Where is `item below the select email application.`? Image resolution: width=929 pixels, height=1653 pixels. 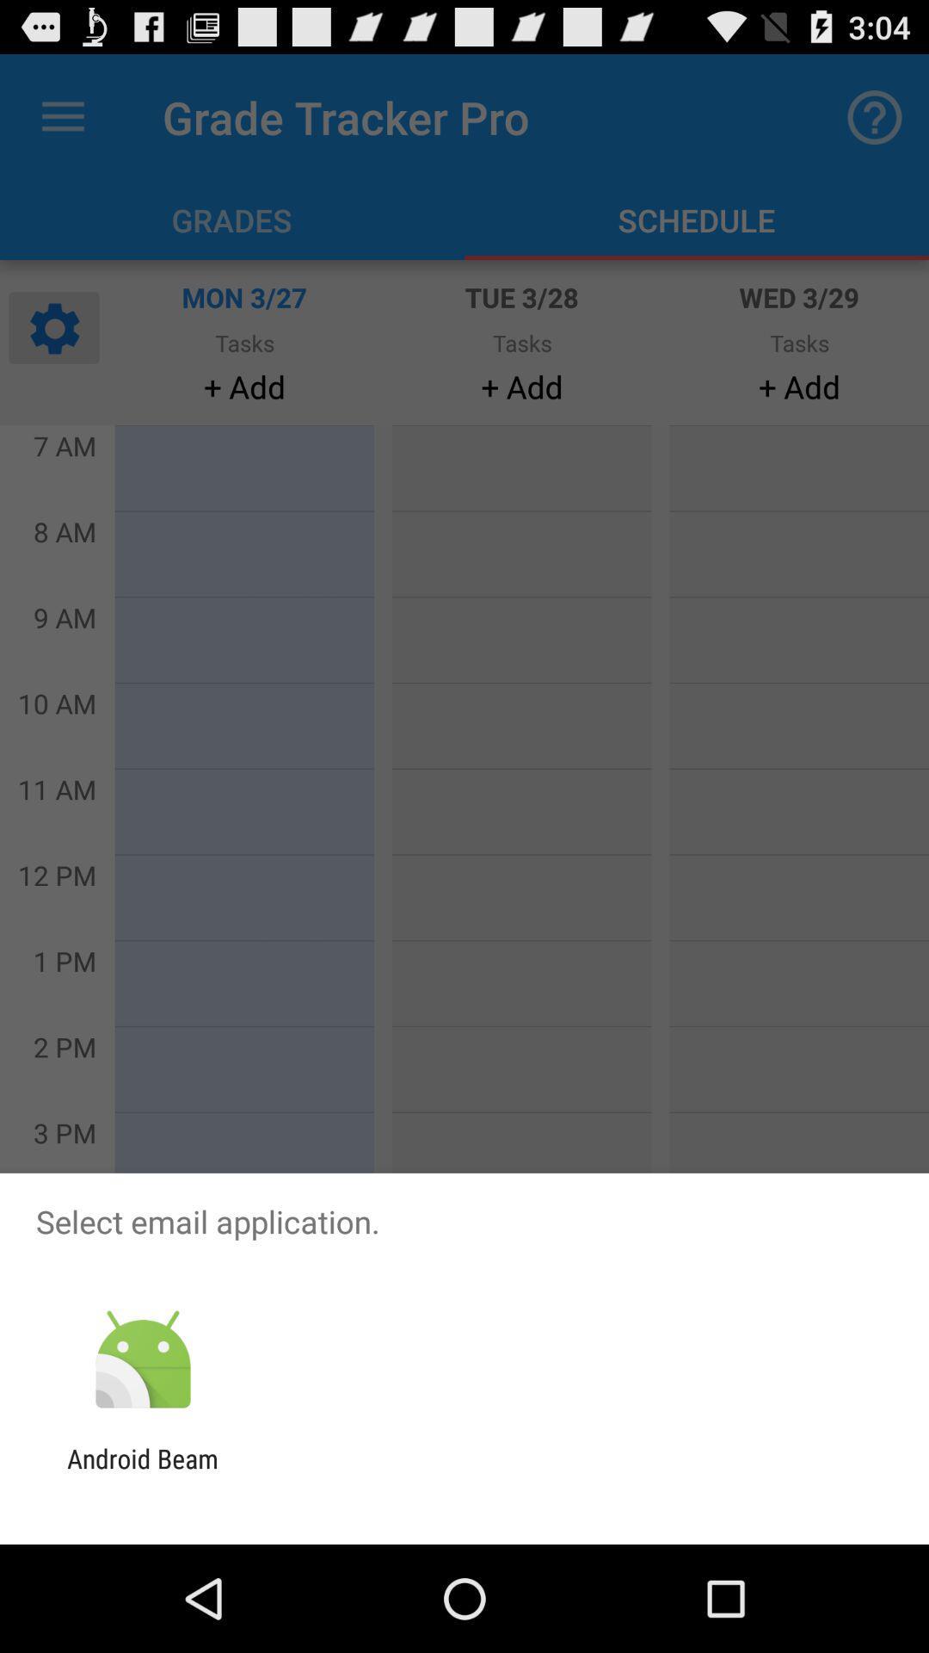
item below the select email application. is located at coordinates (142, 1359).